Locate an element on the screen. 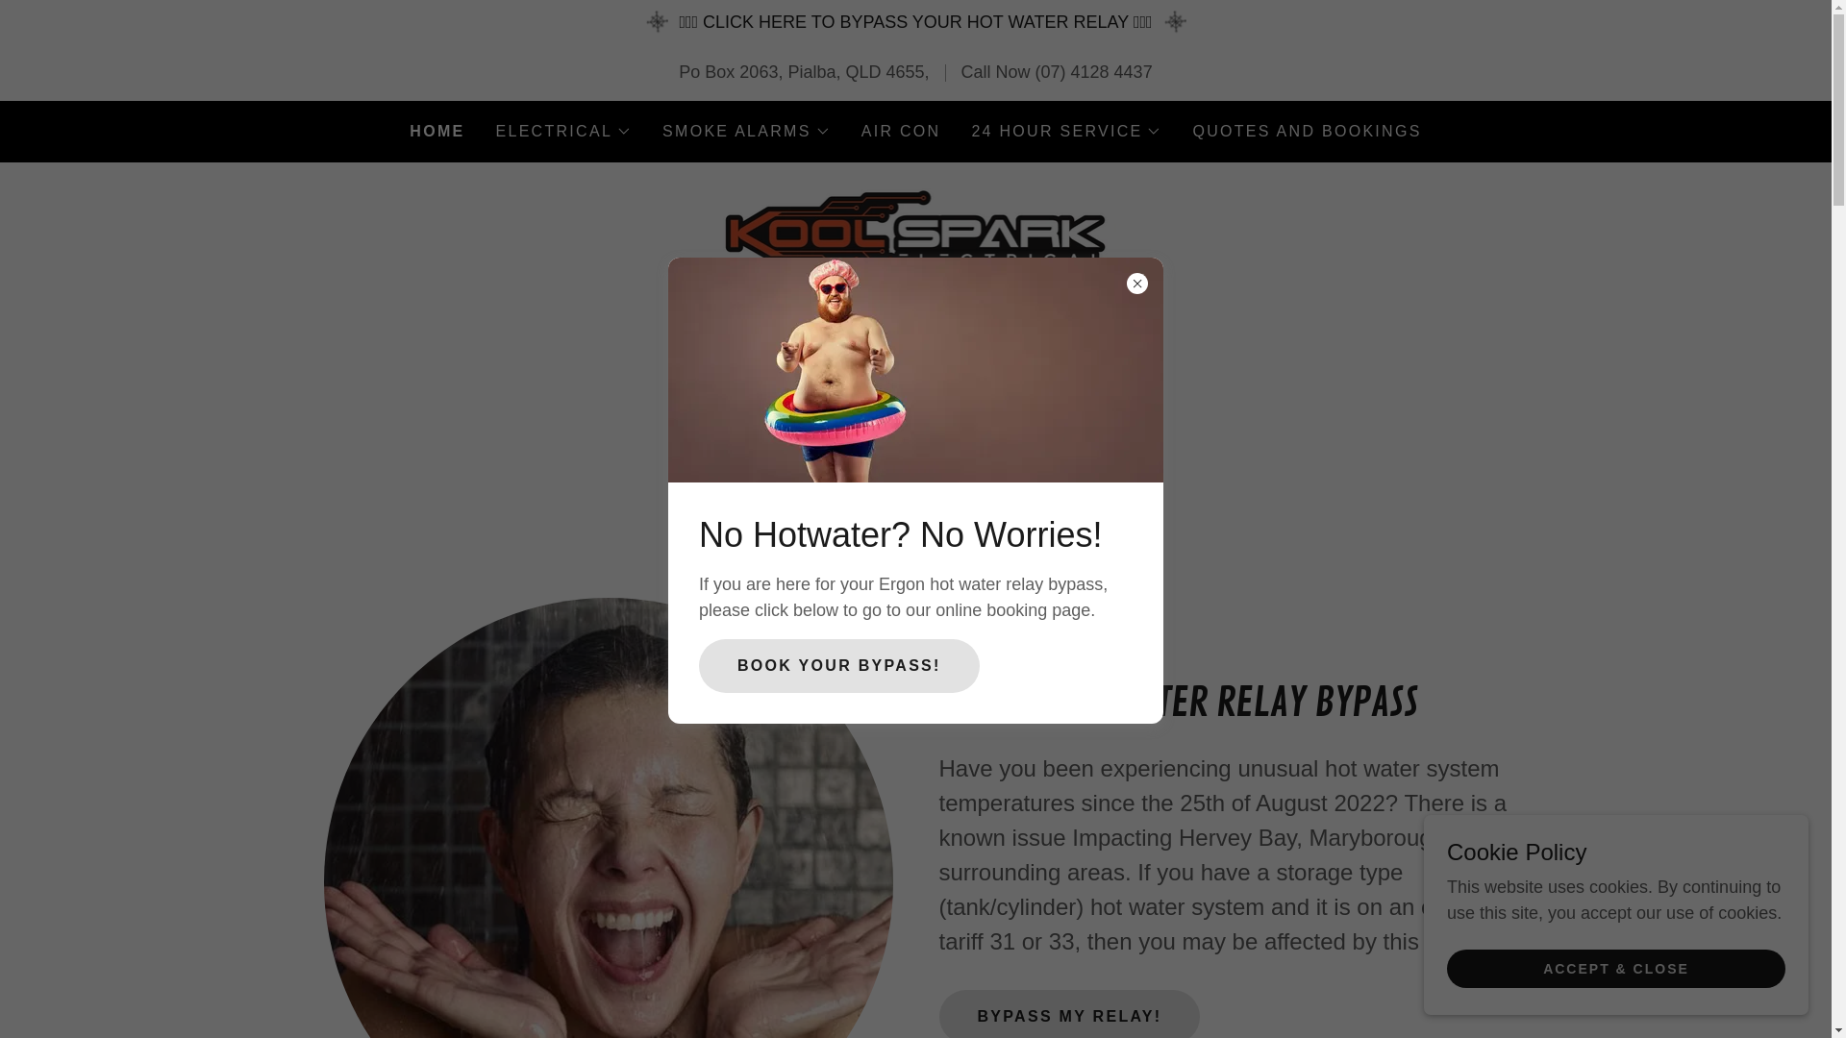 The image size is (1846, 1038). '(07) 4128 4437' is located at coordinates (1093, 70).